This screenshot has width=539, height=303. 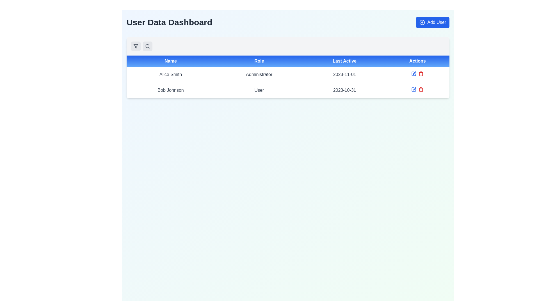 I want to click on the text label displaying the role 'Administrator' in the second cell of the first data row under the 'Role' column, so click(x=259, y=74).